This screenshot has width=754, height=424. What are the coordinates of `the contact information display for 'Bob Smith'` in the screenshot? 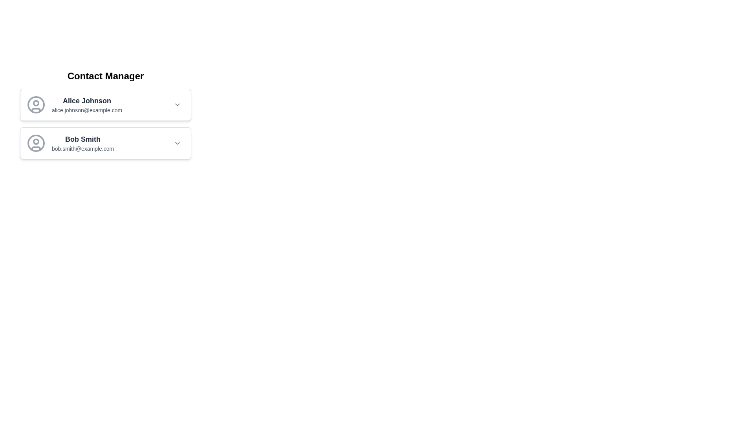 It's located at (83, 143).